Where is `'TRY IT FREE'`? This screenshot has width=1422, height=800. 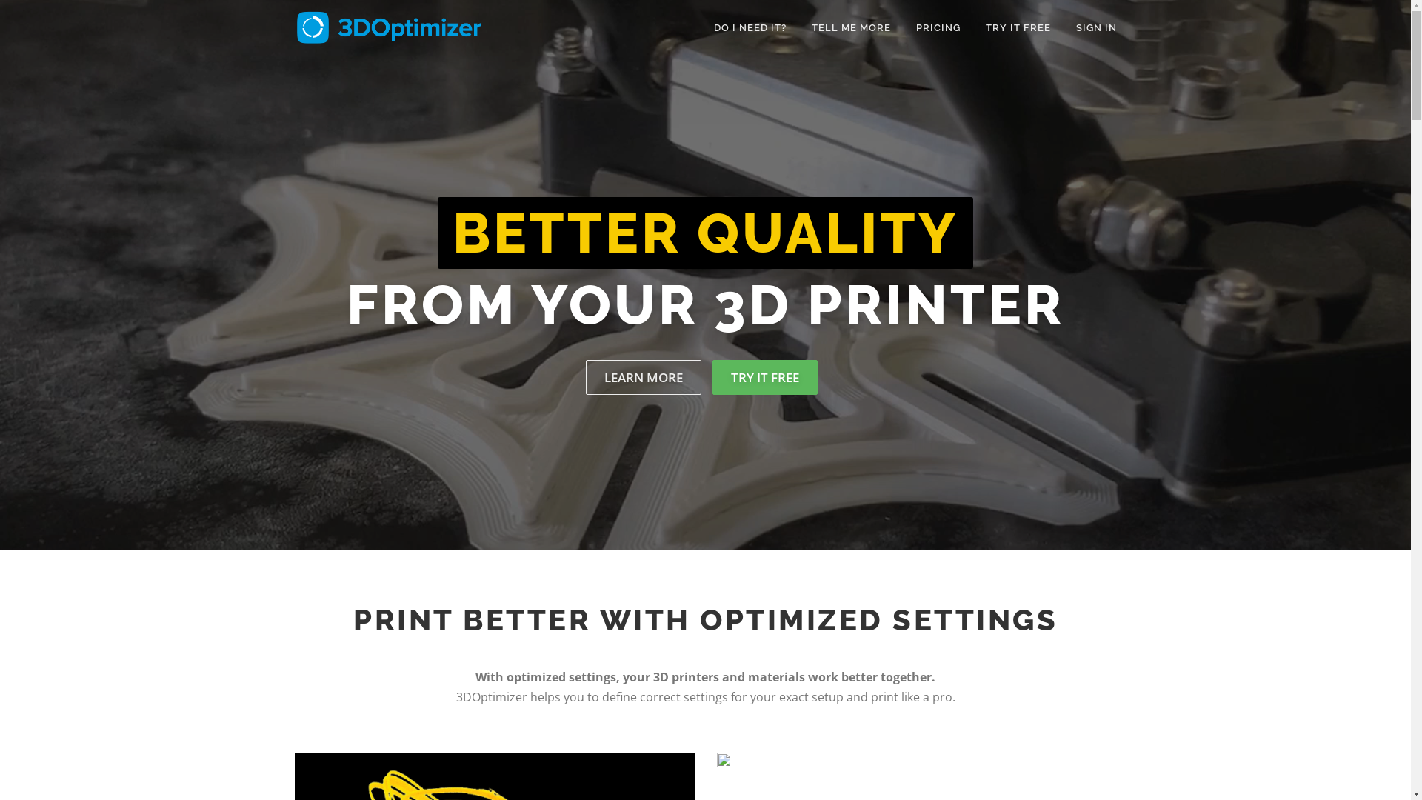 'TRY IT FREE' is located at coordinates (1017, 27).